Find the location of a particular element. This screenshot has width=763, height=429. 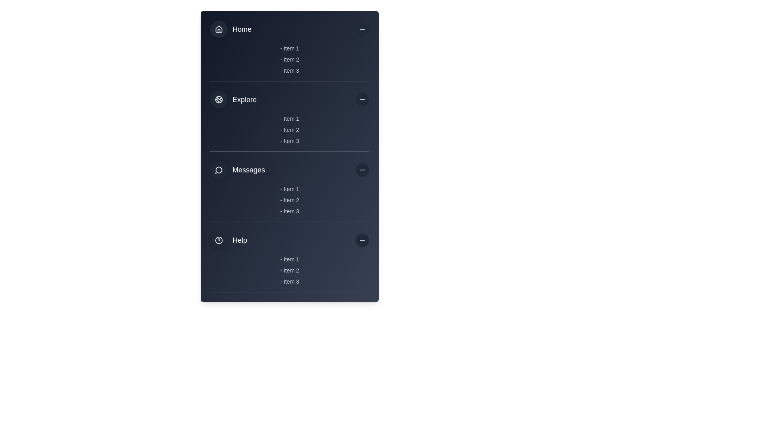

the circular speech bubble outline icon located in the top-left corner of the 'Messages' section of the vertical navigation bar is located at coordinates (219, 170).